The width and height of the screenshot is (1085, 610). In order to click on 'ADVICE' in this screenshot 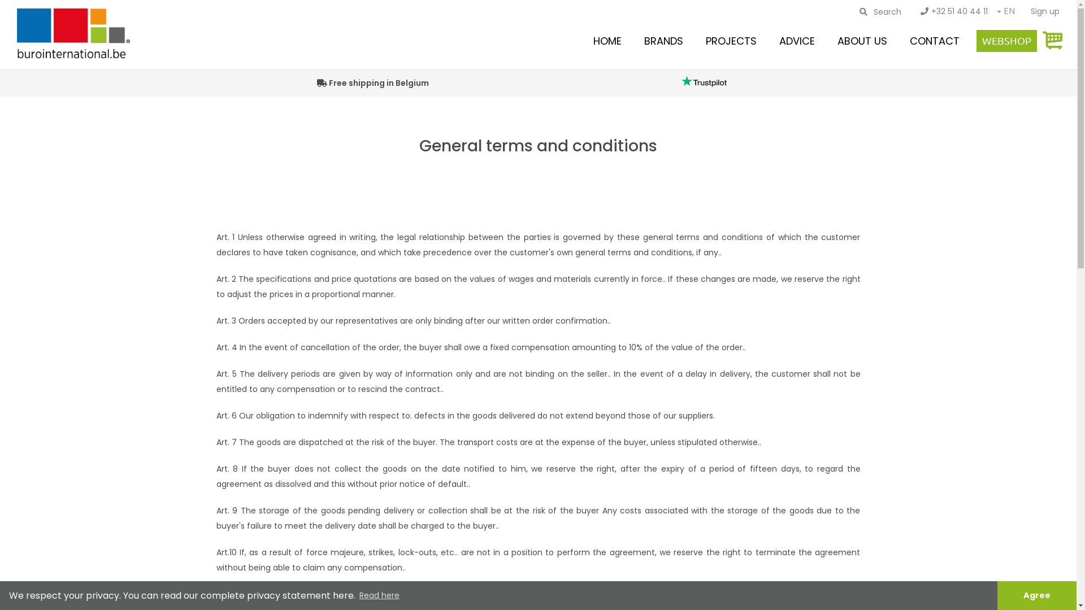, I will do `click(796, 40)`.